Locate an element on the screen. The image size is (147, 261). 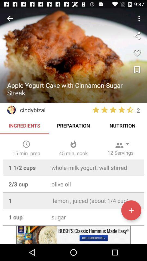
to my stuff is located at coordinates (131, 210).